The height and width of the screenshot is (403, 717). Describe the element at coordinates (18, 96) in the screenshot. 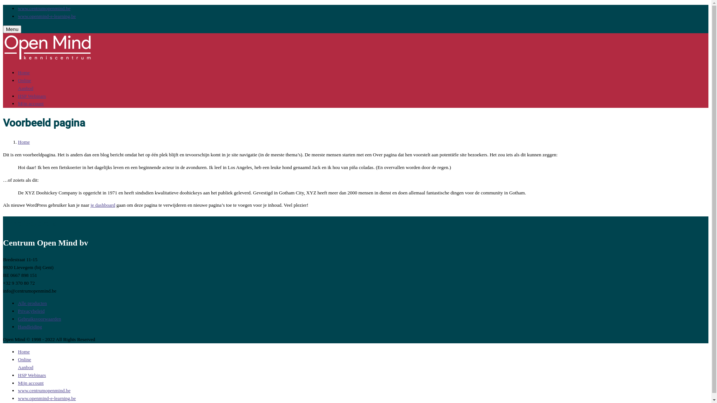

I see `'HSP Webinars'` at that location.